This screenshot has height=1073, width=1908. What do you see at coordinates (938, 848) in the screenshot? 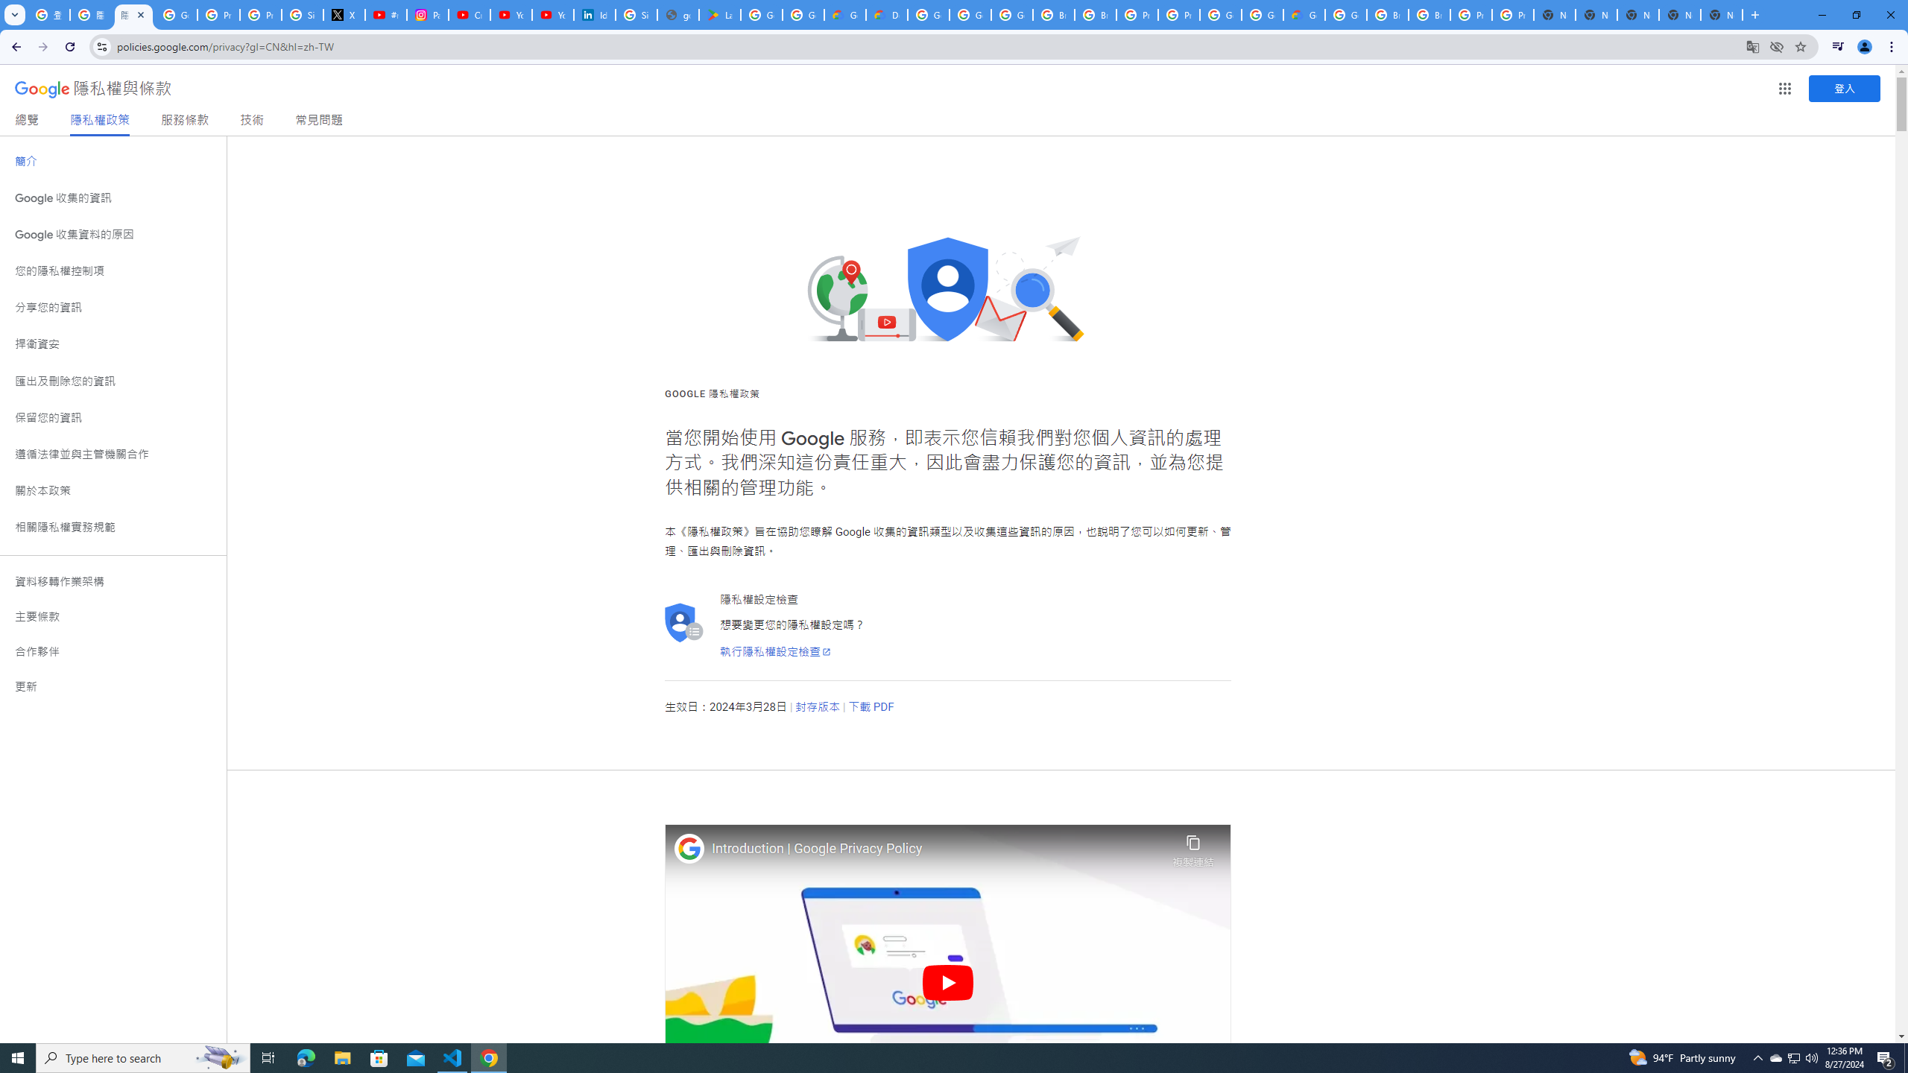
I see `'Introduction | Google Privacy Policy'` at bounding box center [938, 848].